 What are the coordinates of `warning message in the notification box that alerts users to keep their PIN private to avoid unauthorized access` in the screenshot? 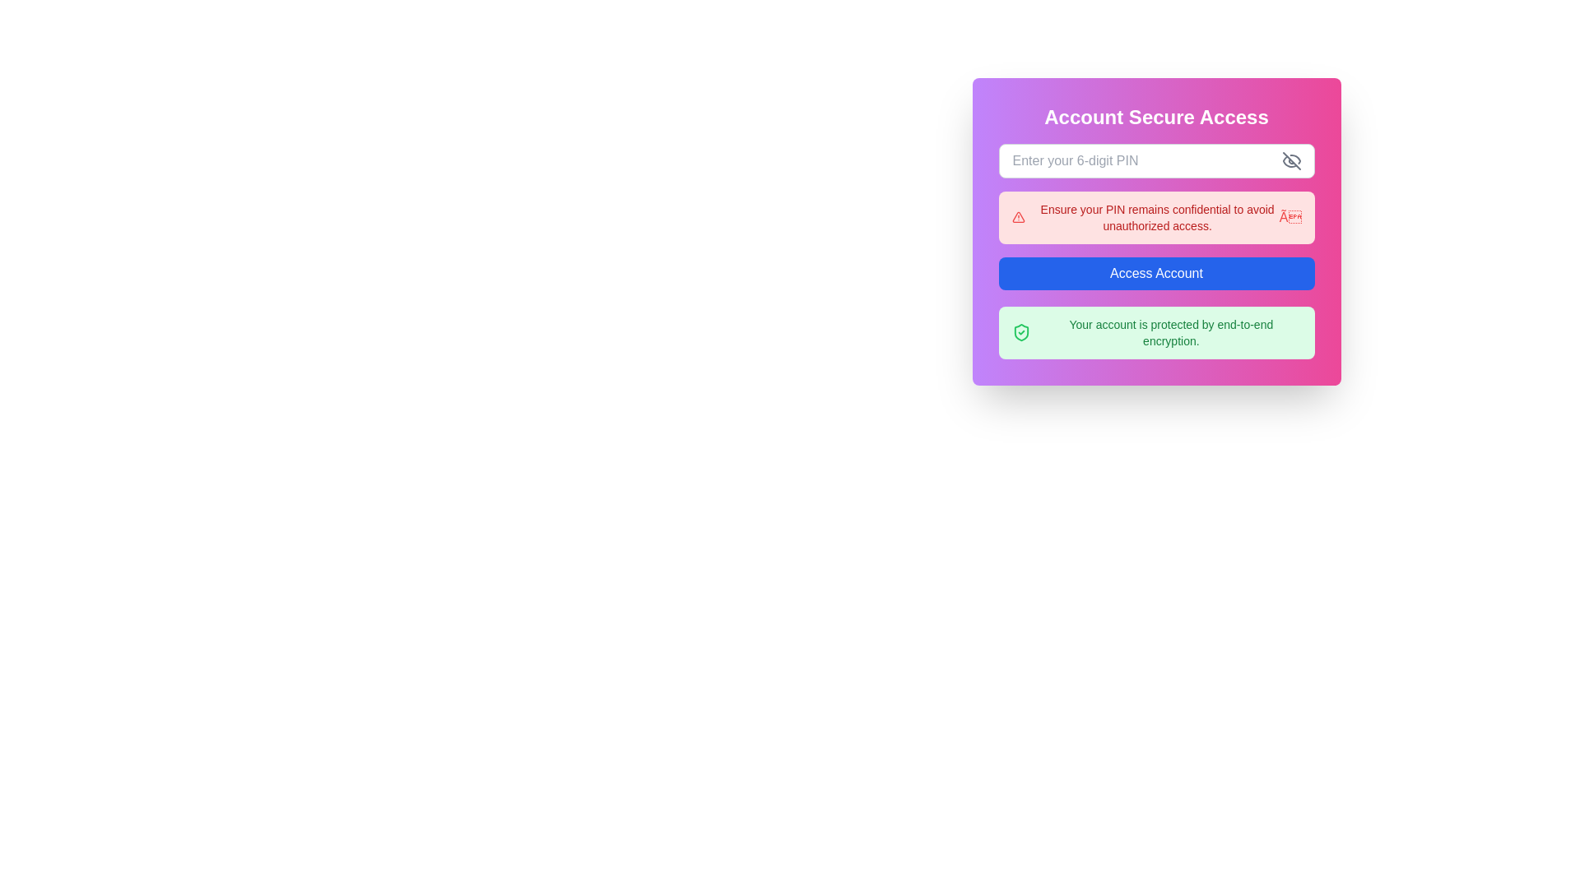 It's located at (1155, 231).